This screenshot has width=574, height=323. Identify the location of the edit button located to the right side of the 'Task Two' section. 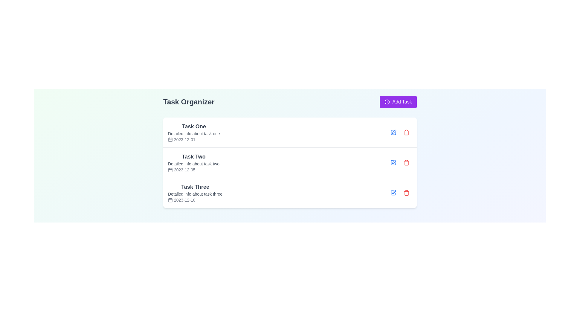
(393, 162).